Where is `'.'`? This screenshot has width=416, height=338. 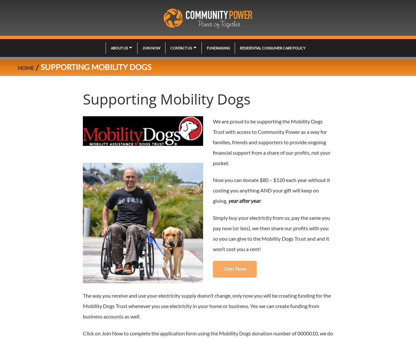 '.' is located at coordinates (261, 200).